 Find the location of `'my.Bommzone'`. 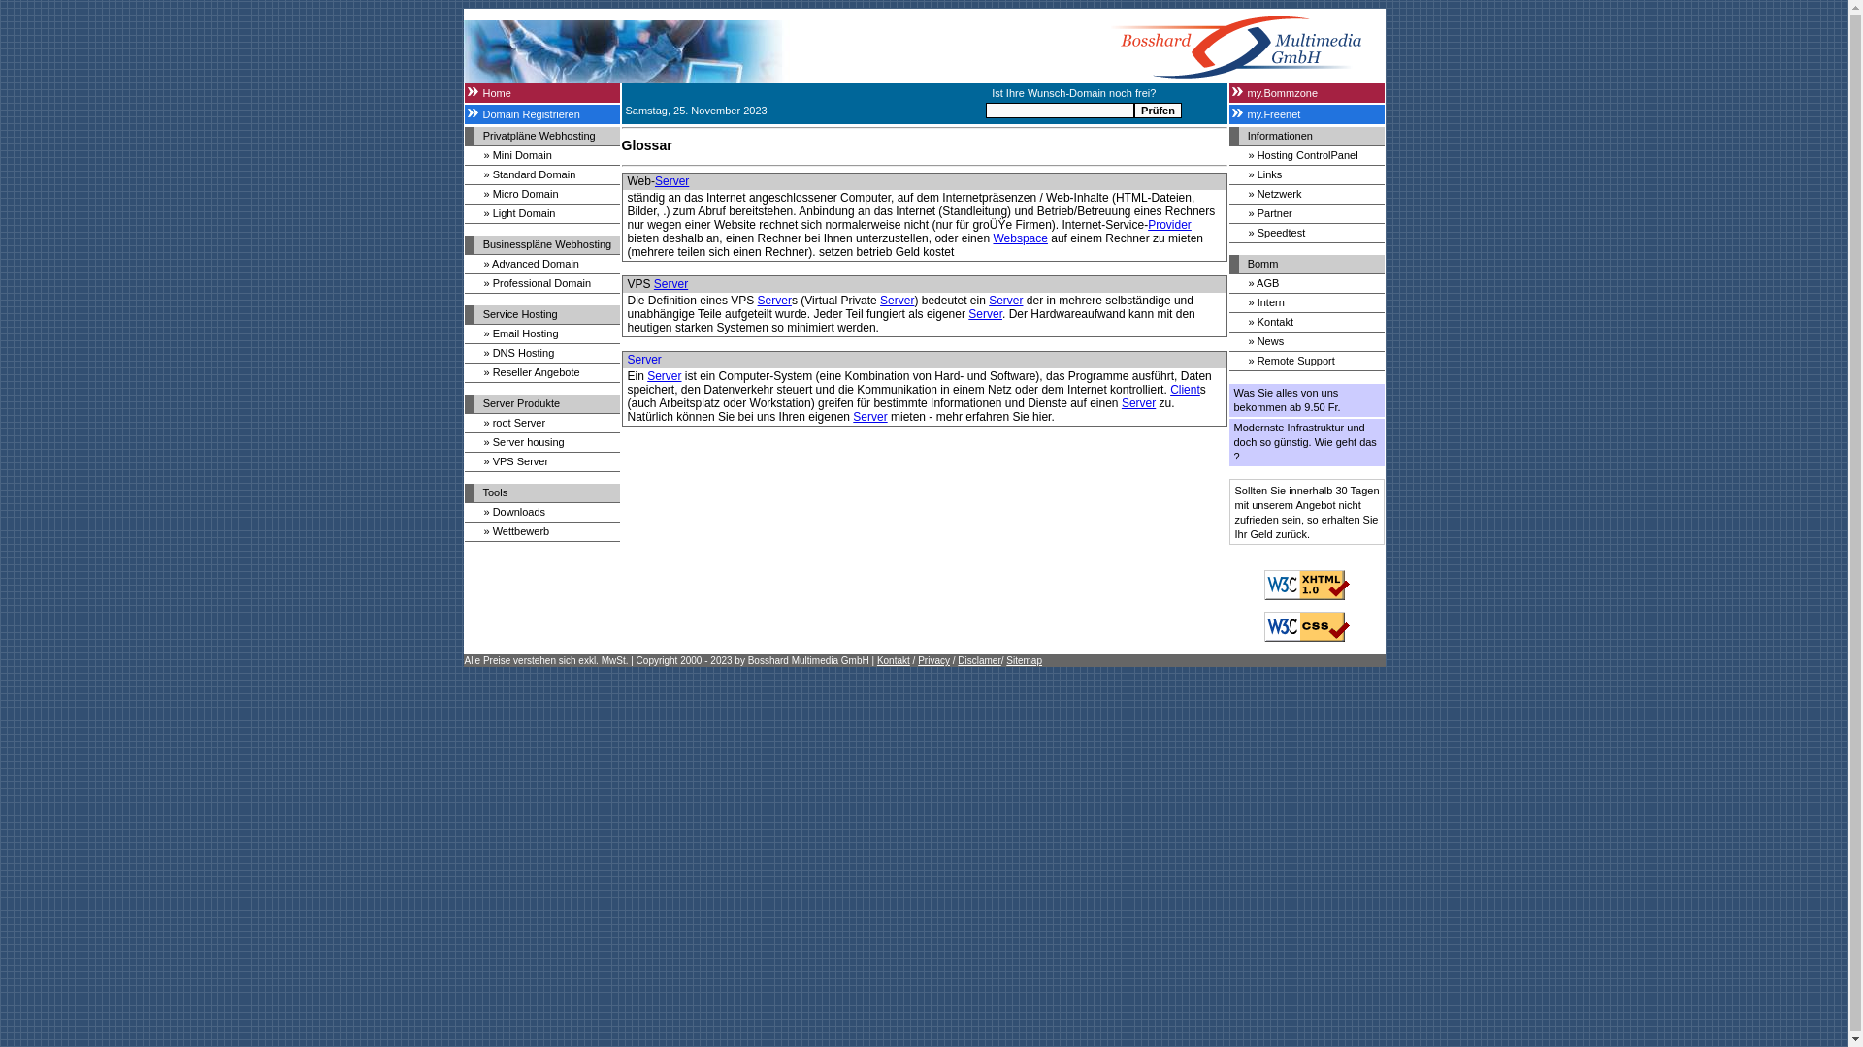

'my.Bommzone' is located at coordinates (1227, 93).